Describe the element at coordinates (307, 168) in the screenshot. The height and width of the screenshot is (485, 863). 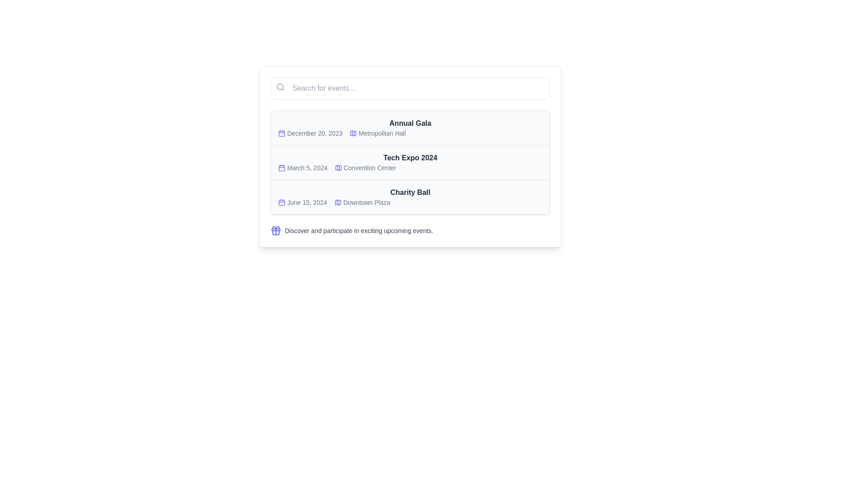
I see `date displayed in the text label for the event 'Tech Expo 2024', which is the second date entry in the vertical list, located below 'December 20, 2023' and above 'June 15, 2024', and positioned to the right of a calendar icon` at that location.